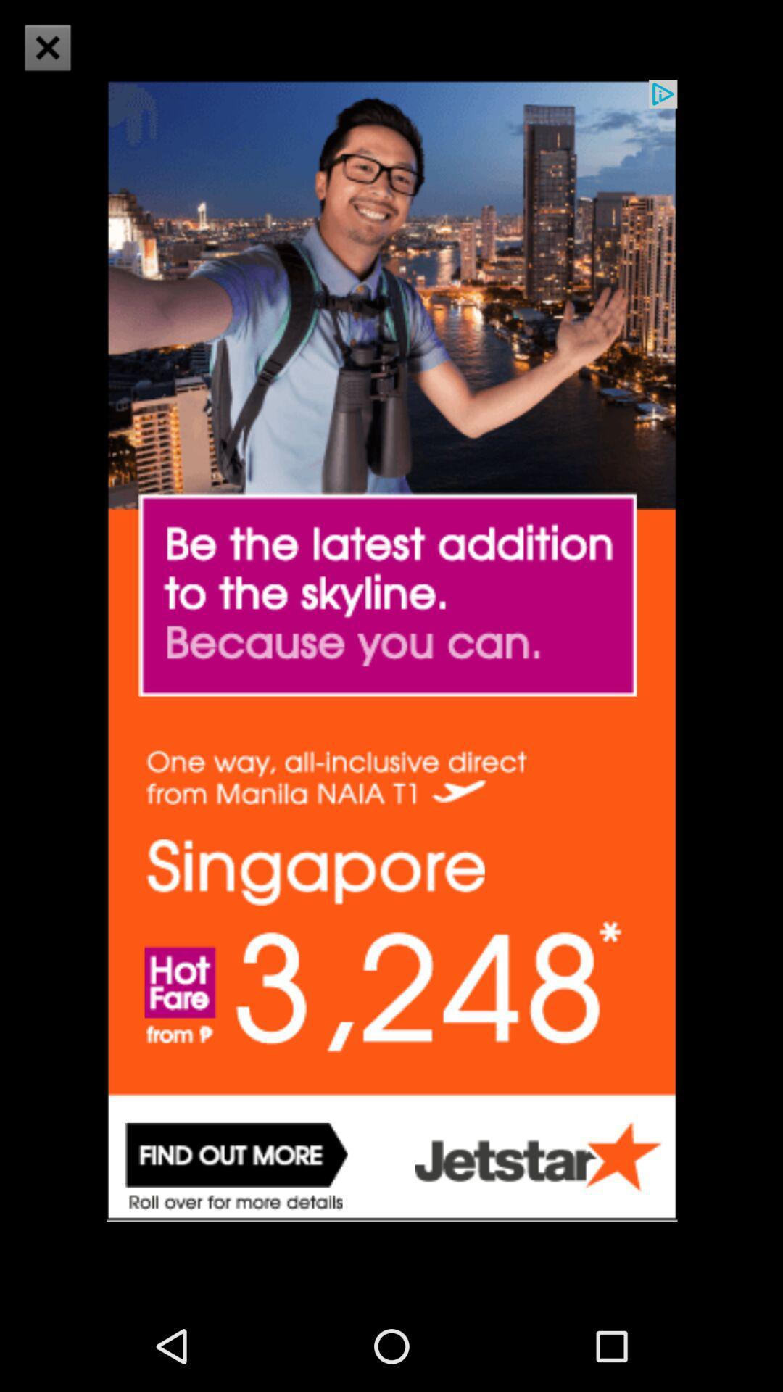 The height and width of the screenshot is (1392, 783). Describe the element at coordinates (46, 51) in the screenshot. I see `the close icon` at that location.